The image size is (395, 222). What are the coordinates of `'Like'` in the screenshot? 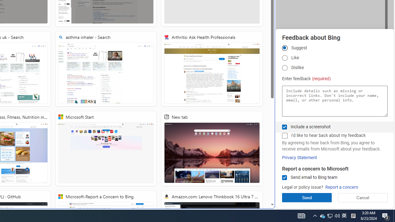 It's located at (284, 58).